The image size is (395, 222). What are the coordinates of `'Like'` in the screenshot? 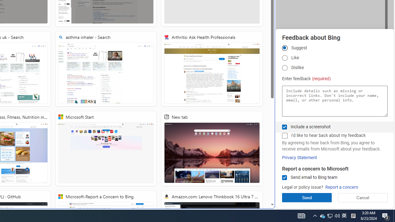 It's located at (284, 58).